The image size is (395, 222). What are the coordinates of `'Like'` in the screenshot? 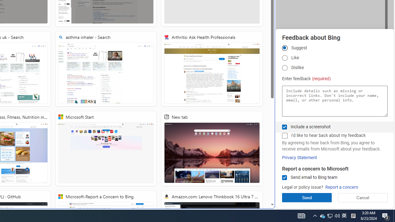 It's located at (284, 58).